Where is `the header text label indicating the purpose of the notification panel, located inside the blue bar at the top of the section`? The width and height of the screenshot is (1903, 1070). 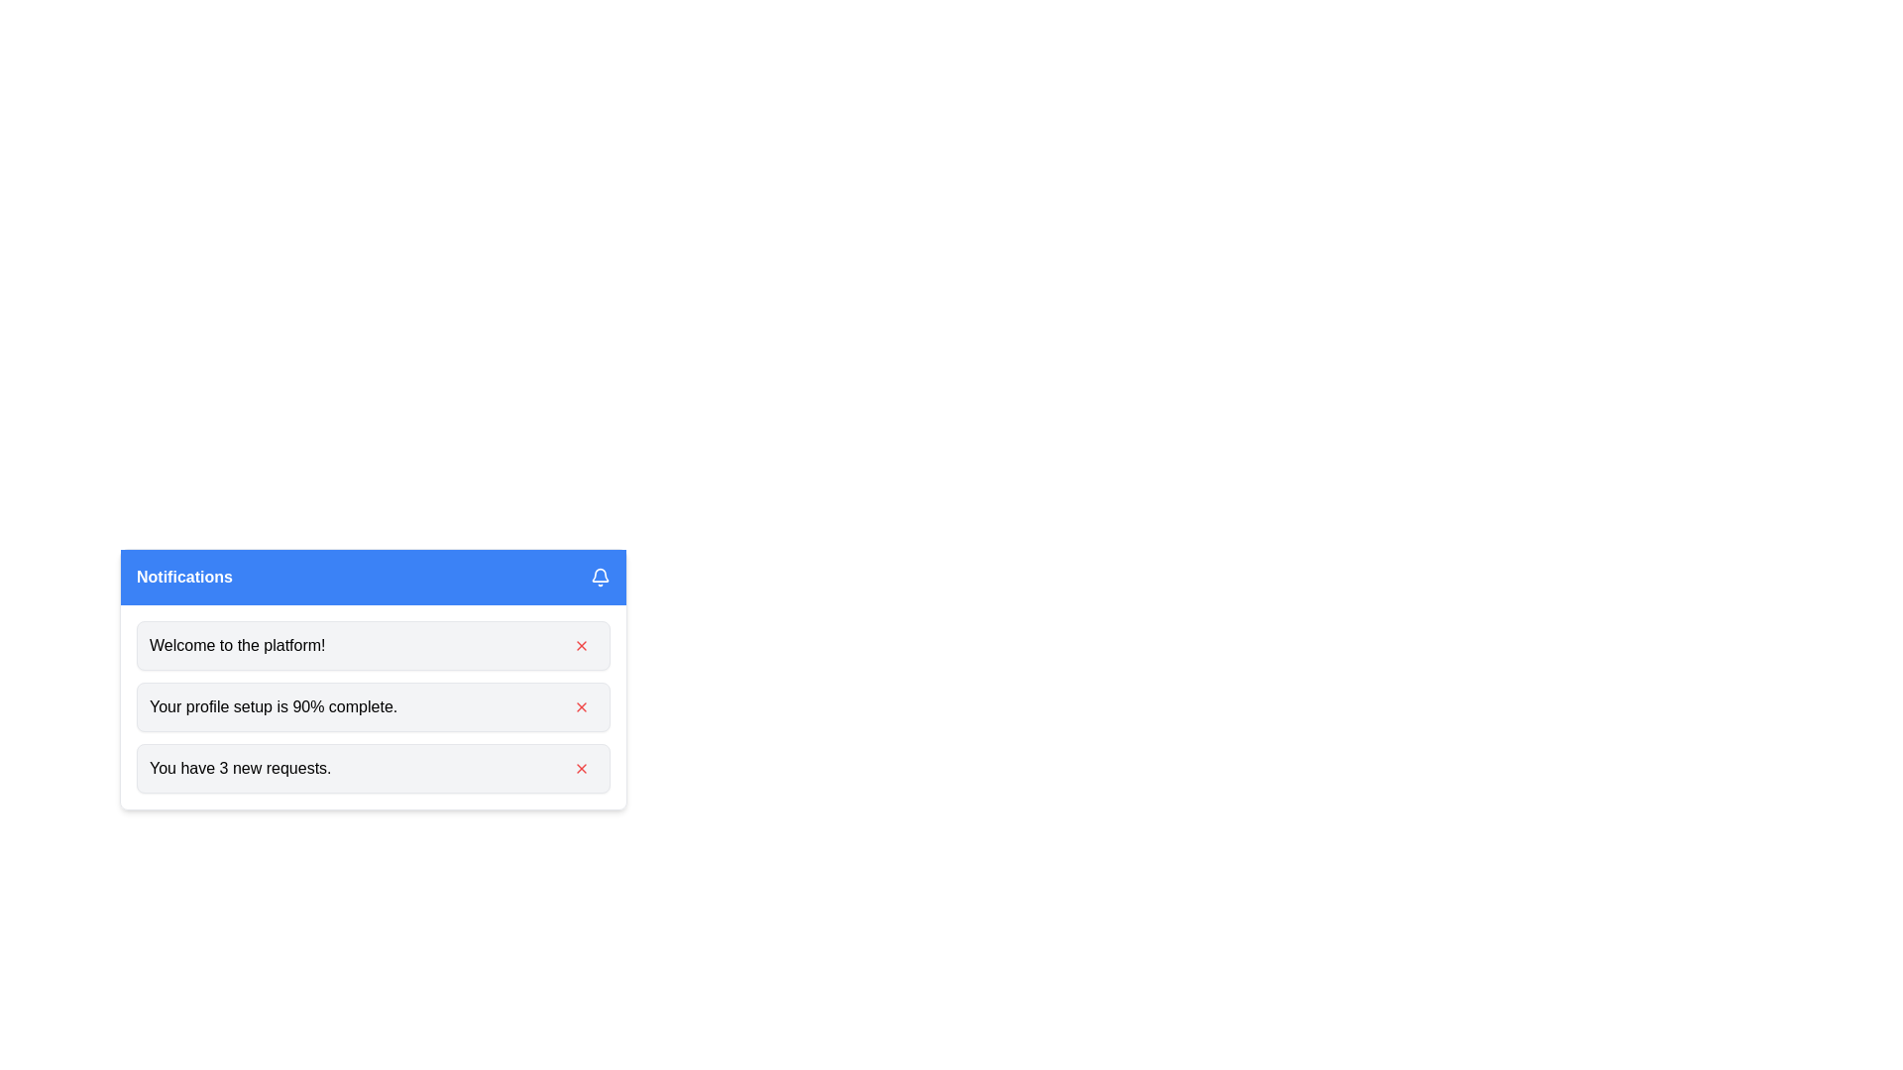 the header text label indicating the purpose of the notification panel, located inside the blue bar at the top of the section is located at coordinates (184, 577).